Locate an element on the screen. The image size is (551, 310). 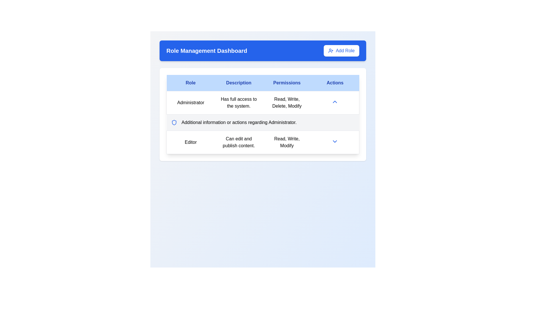
the List item row representing the user role 'Editor' by clicking on the dropdown menu in the 'Actions' column is located at coordinates (263, 142).